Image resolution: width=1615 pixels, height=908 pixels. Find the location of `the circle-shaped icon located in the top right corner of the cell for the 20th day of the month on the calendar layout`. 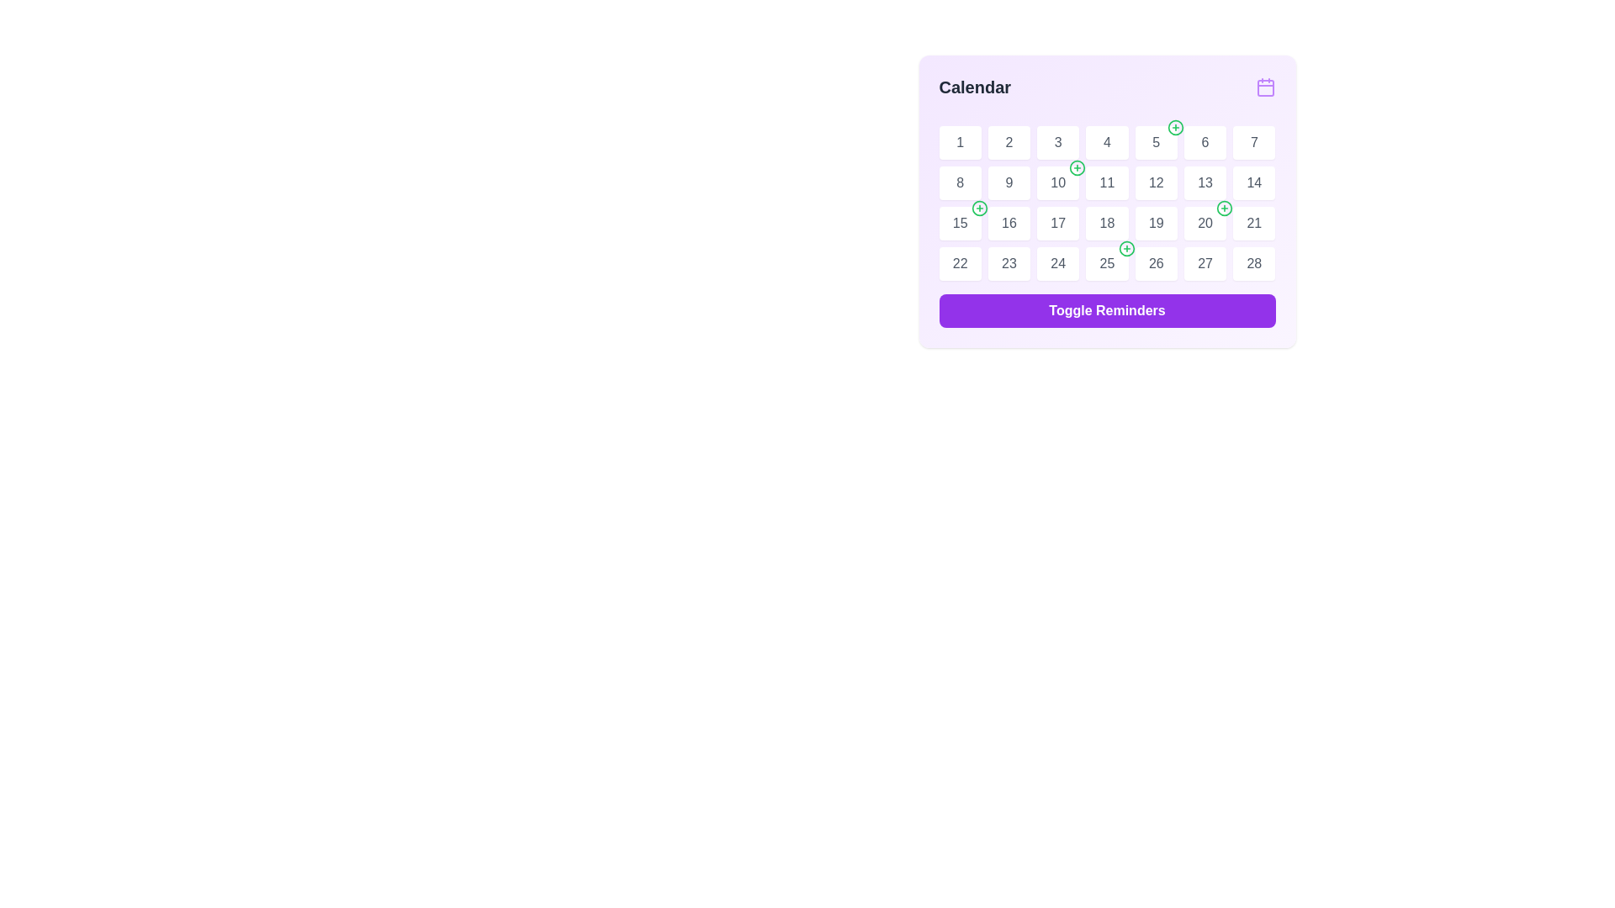

the circle-shaped icon located in the top right corner of the cell for the 20th day of the month on the calendar layout is located at coordinates (1225, 207).